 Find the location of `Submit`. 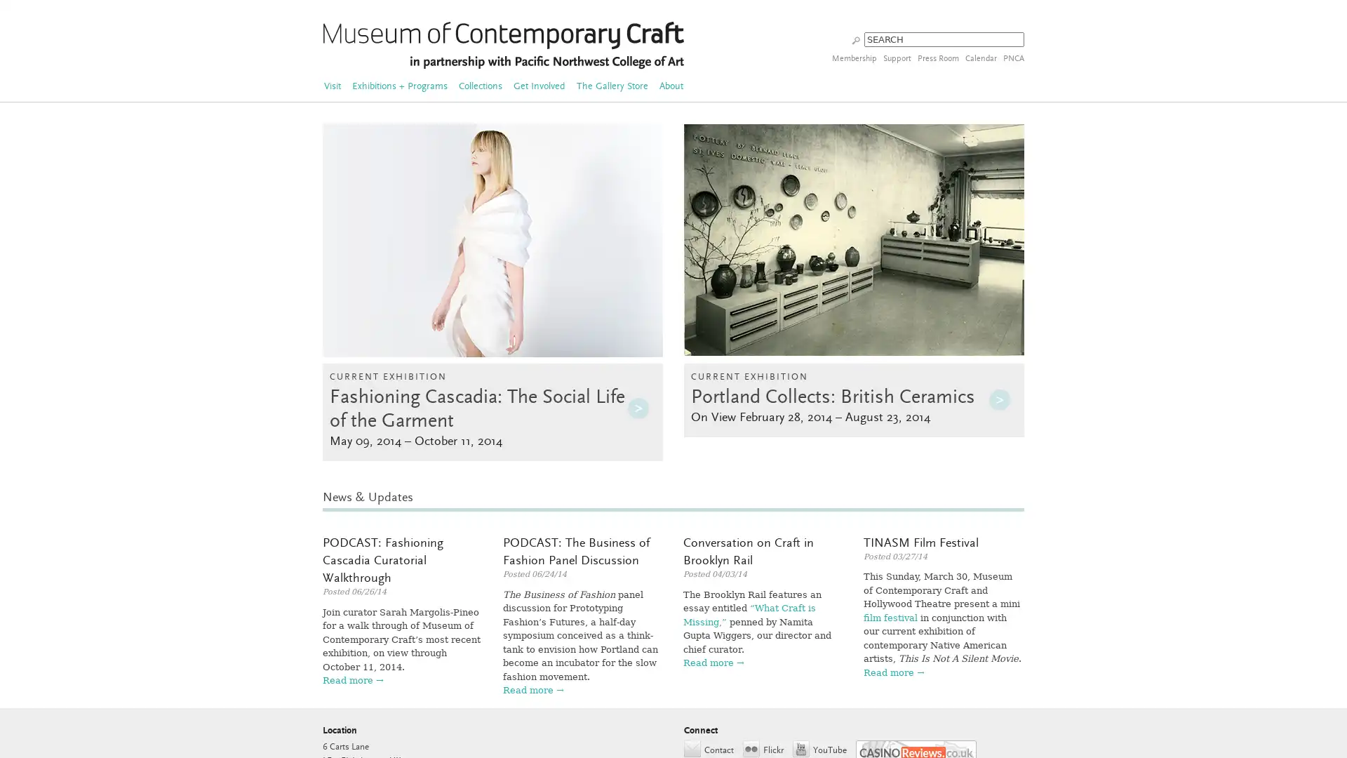

Submit is located at coordinates (855, 39).